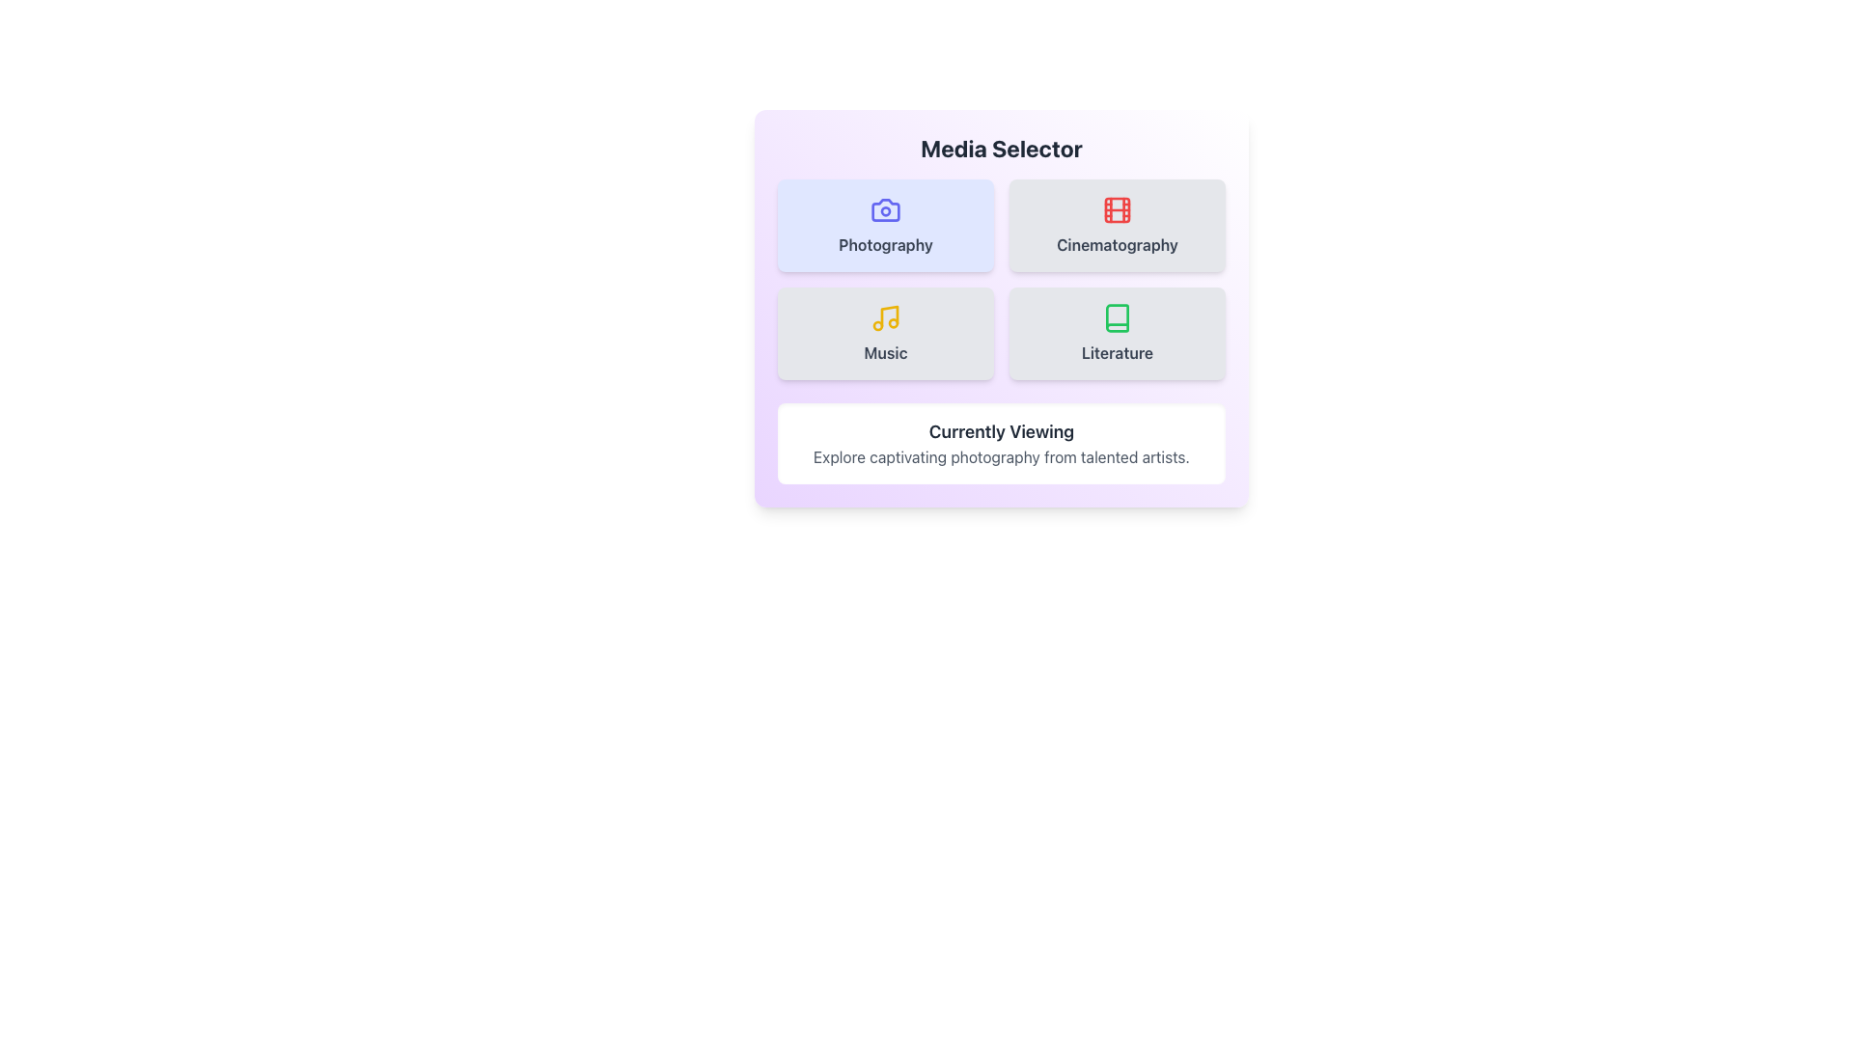 The image size is (1853, 1042). I want to click on the decorative 'Literature' icon located in the bottom-right of the four main selection buttons, so click(1117, 317).